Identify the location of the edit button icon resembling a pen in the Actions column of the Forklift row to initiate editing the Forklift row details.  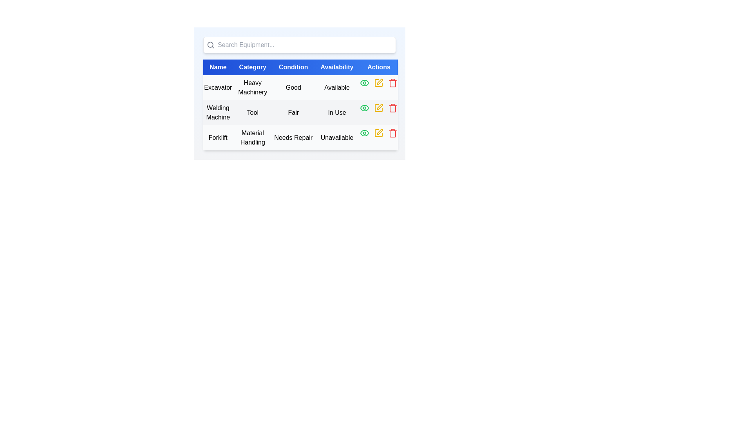
(380, 131).